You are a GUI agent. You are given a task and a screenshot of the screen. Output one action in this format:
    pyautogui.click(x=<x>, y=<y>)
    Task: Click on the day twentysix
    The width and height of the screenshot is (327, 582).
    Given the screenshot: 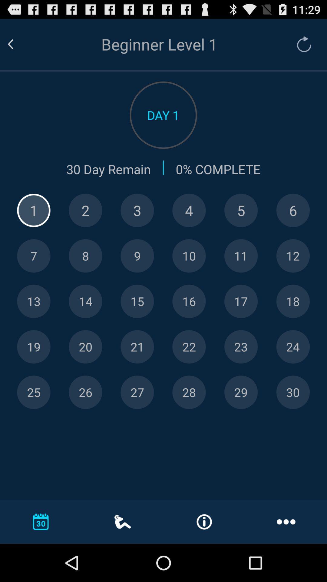 What is the action you would take?
    pyautogui.click(x=85, y=392)
    